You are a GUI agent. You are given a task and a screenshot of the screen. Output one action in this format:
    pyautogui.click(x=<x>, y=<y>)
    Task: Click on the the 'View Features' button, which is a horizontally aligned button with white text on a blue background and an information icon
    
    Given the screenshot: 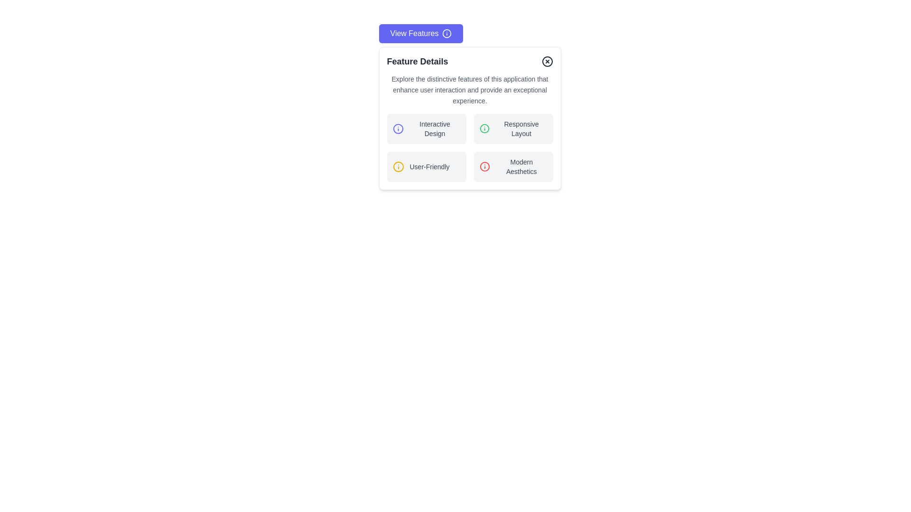 What is the action you would take?
    pyautogui.click(x=420, y=33)
    